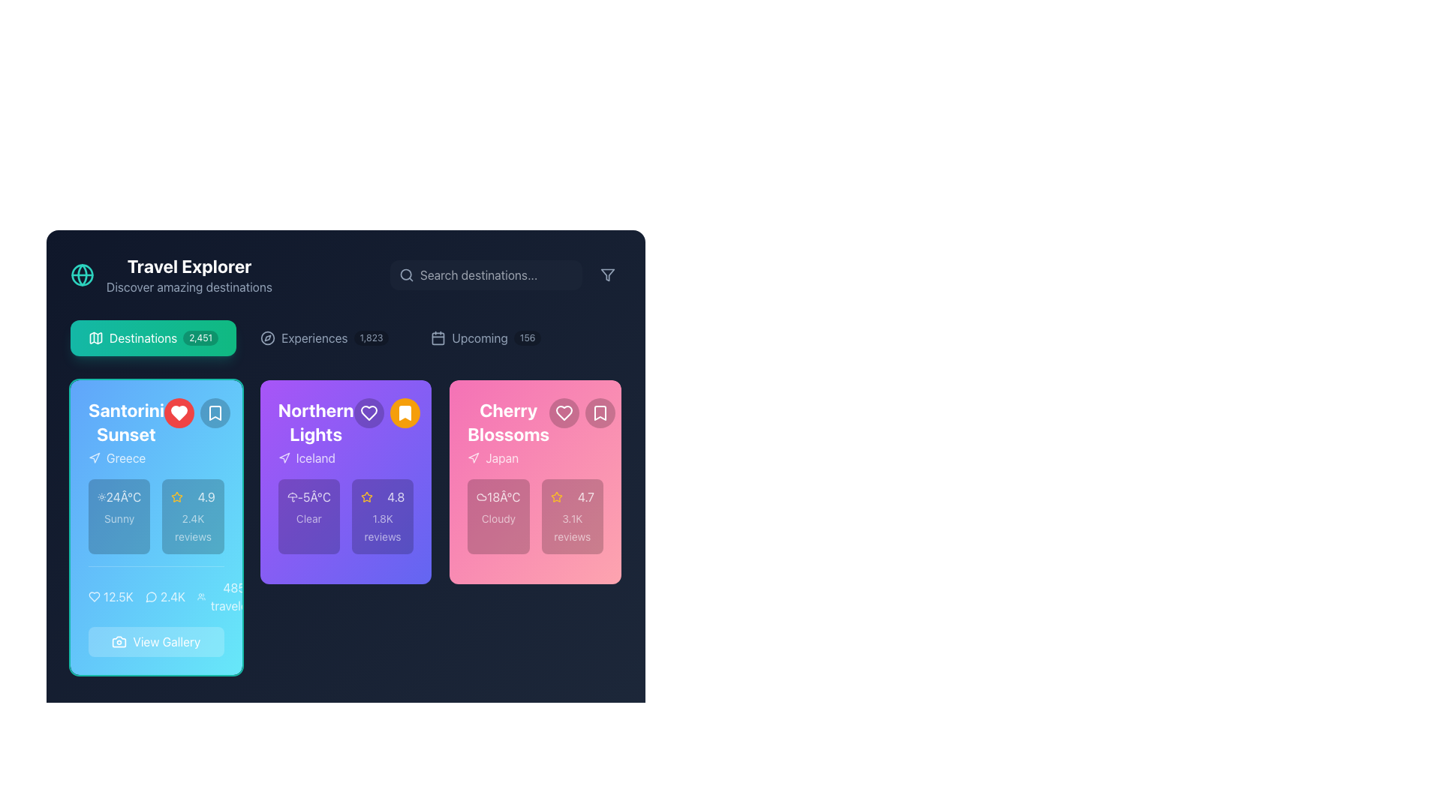 The image size is (1441, 810). What do you see at coordinates (600, 413) in the screenshot?
I see `the bookmark button located in the top-right corner of the 'Cherry Blossoms' card` at bounding box center [600, 413].